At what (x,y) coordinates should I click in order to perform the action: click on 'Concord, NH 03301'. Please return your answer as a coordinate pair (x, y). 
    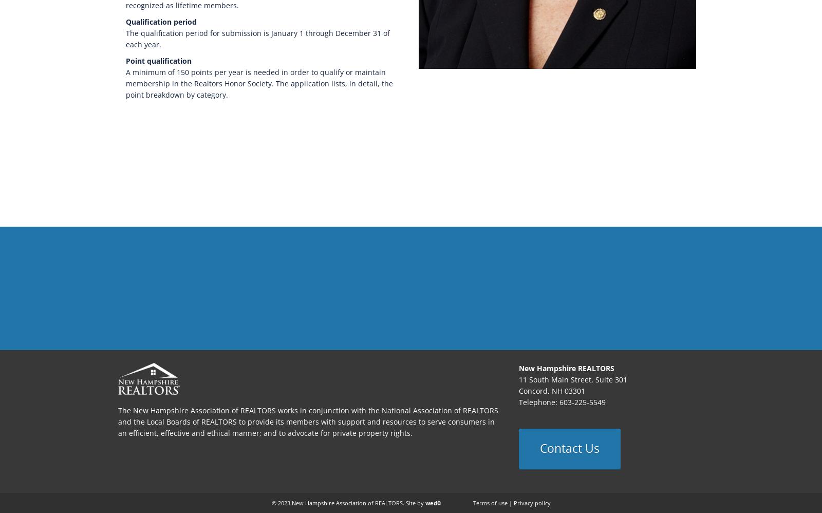
    Looking at the image, I should click on (552, 390).